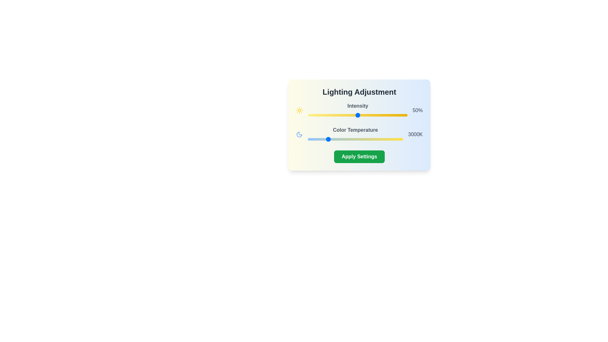 This screenshot has width=608, height=342. Describe the element at coordinates (312, 139) in the screenshot. I see `the color temperature slider to set it to 2211 Kelvin` at that location.